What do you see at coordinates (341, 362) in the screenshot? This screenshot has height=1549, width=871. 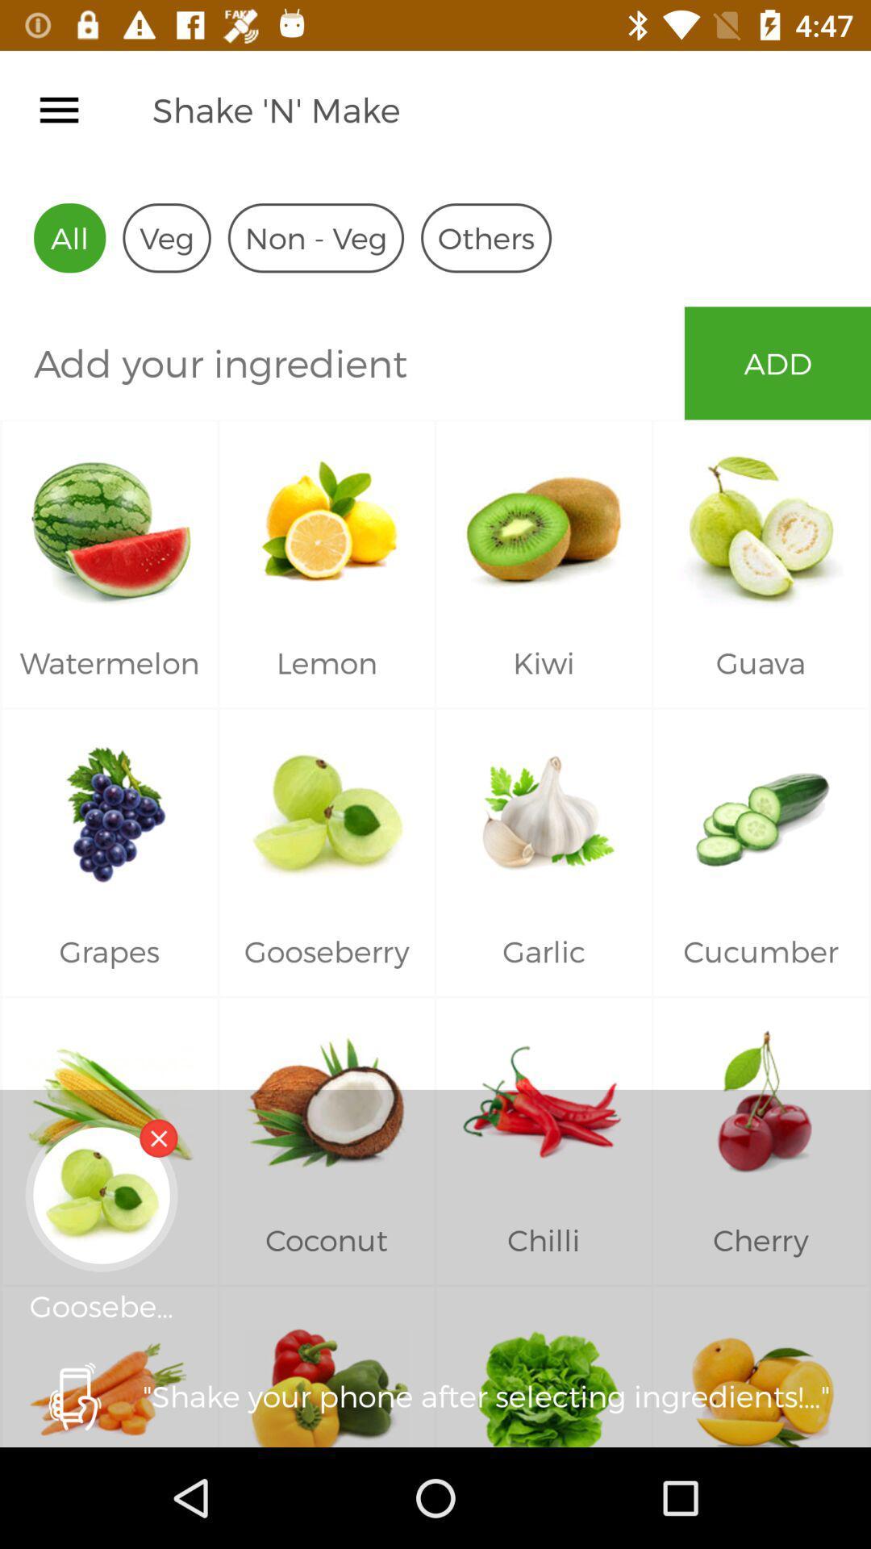 I see `the item to the left of add item` at bounding box center [341, 362].